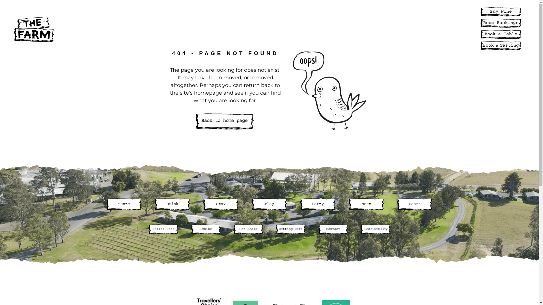 This screenshot has height=305, width=543. I want to click on 'Getting Here-1', so click(290, 229).